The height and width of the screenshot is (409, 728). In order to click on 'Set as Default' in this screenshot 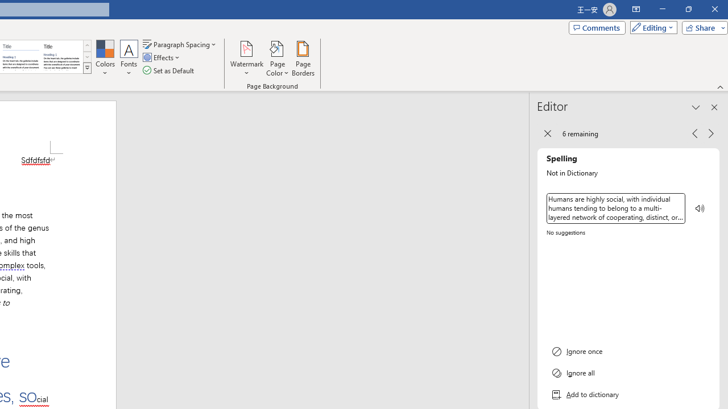, I will do `click(169, 70)`.